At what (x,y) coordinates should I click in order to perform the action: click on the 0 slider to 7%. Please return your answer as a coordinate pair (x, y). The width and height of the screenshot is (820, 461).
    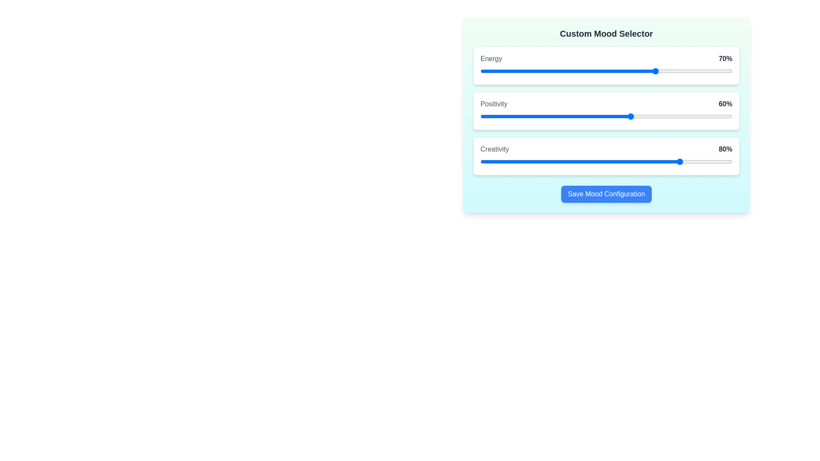
    Looking at the image, I should click on (498, 70).